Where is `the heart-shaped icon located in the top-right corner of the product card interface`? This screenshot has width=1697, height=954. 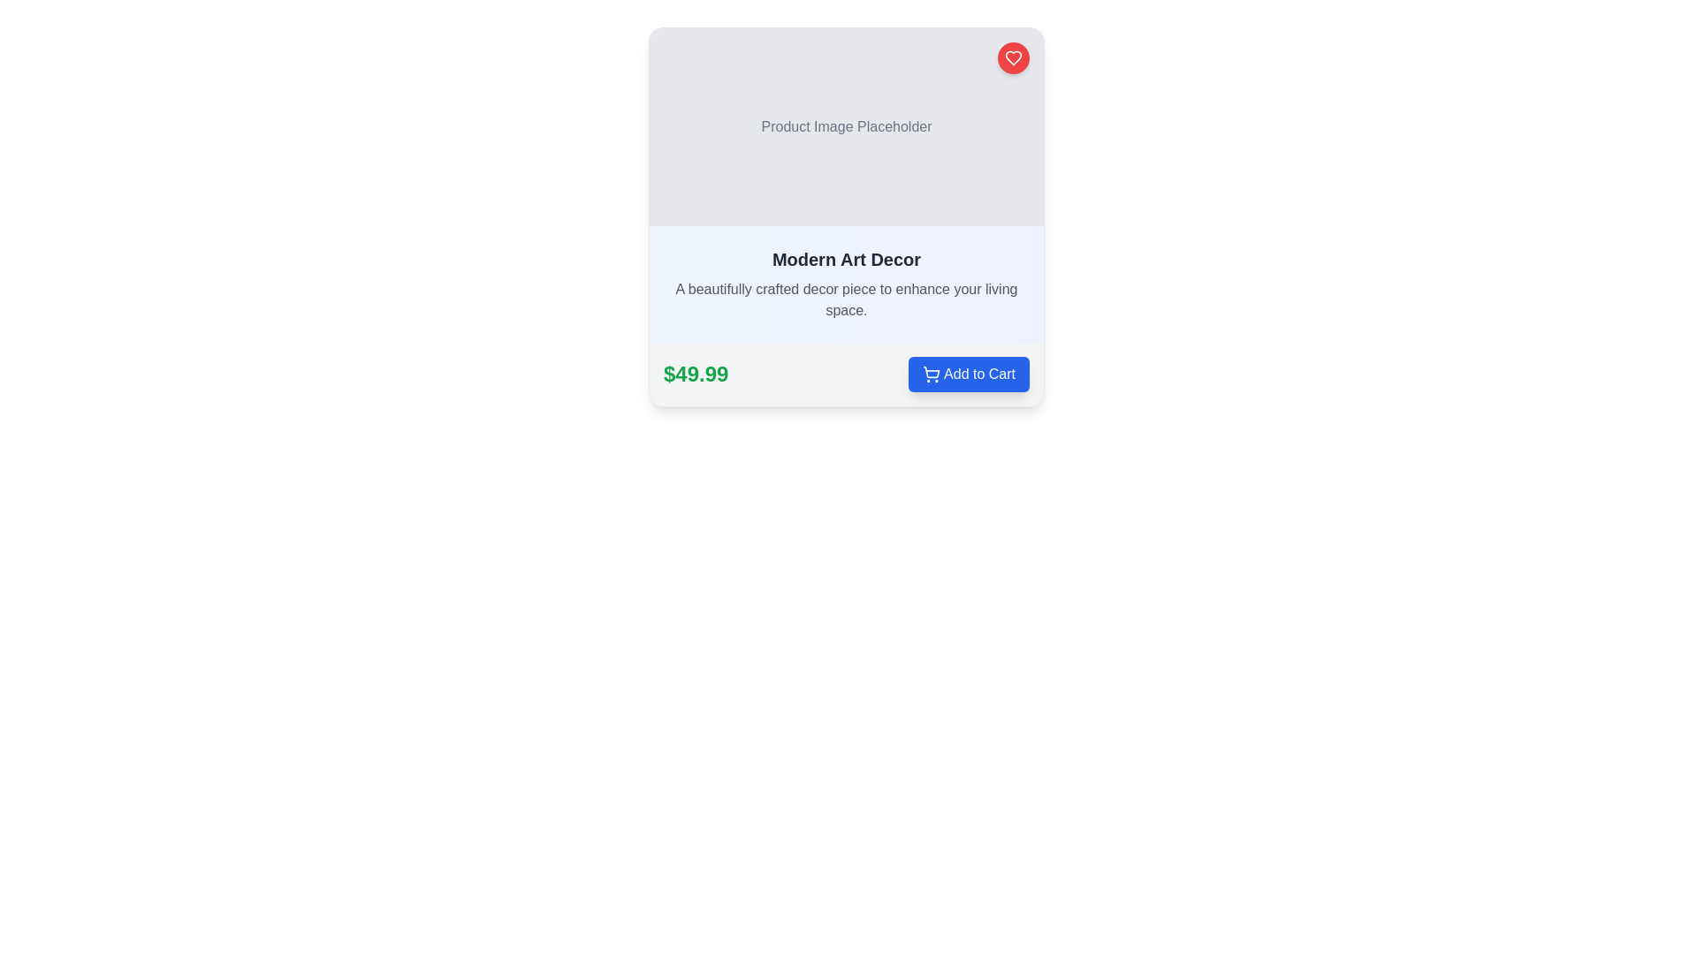
the heart-shaped icon located in the top-right corner of the product card interface is located at coordinates (1014, 57).